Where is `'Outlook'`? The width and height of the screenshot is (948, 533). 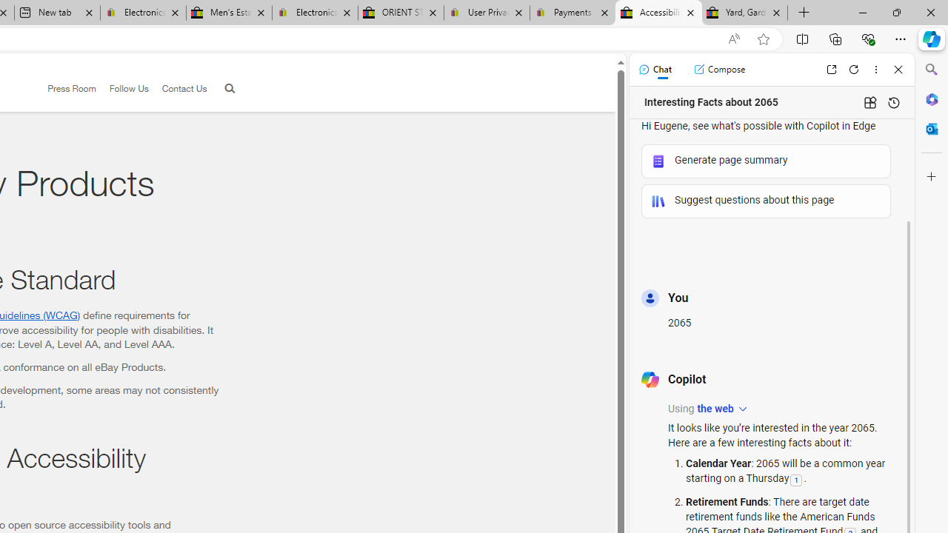 'Outlook' is located at coordinates (931, 128).